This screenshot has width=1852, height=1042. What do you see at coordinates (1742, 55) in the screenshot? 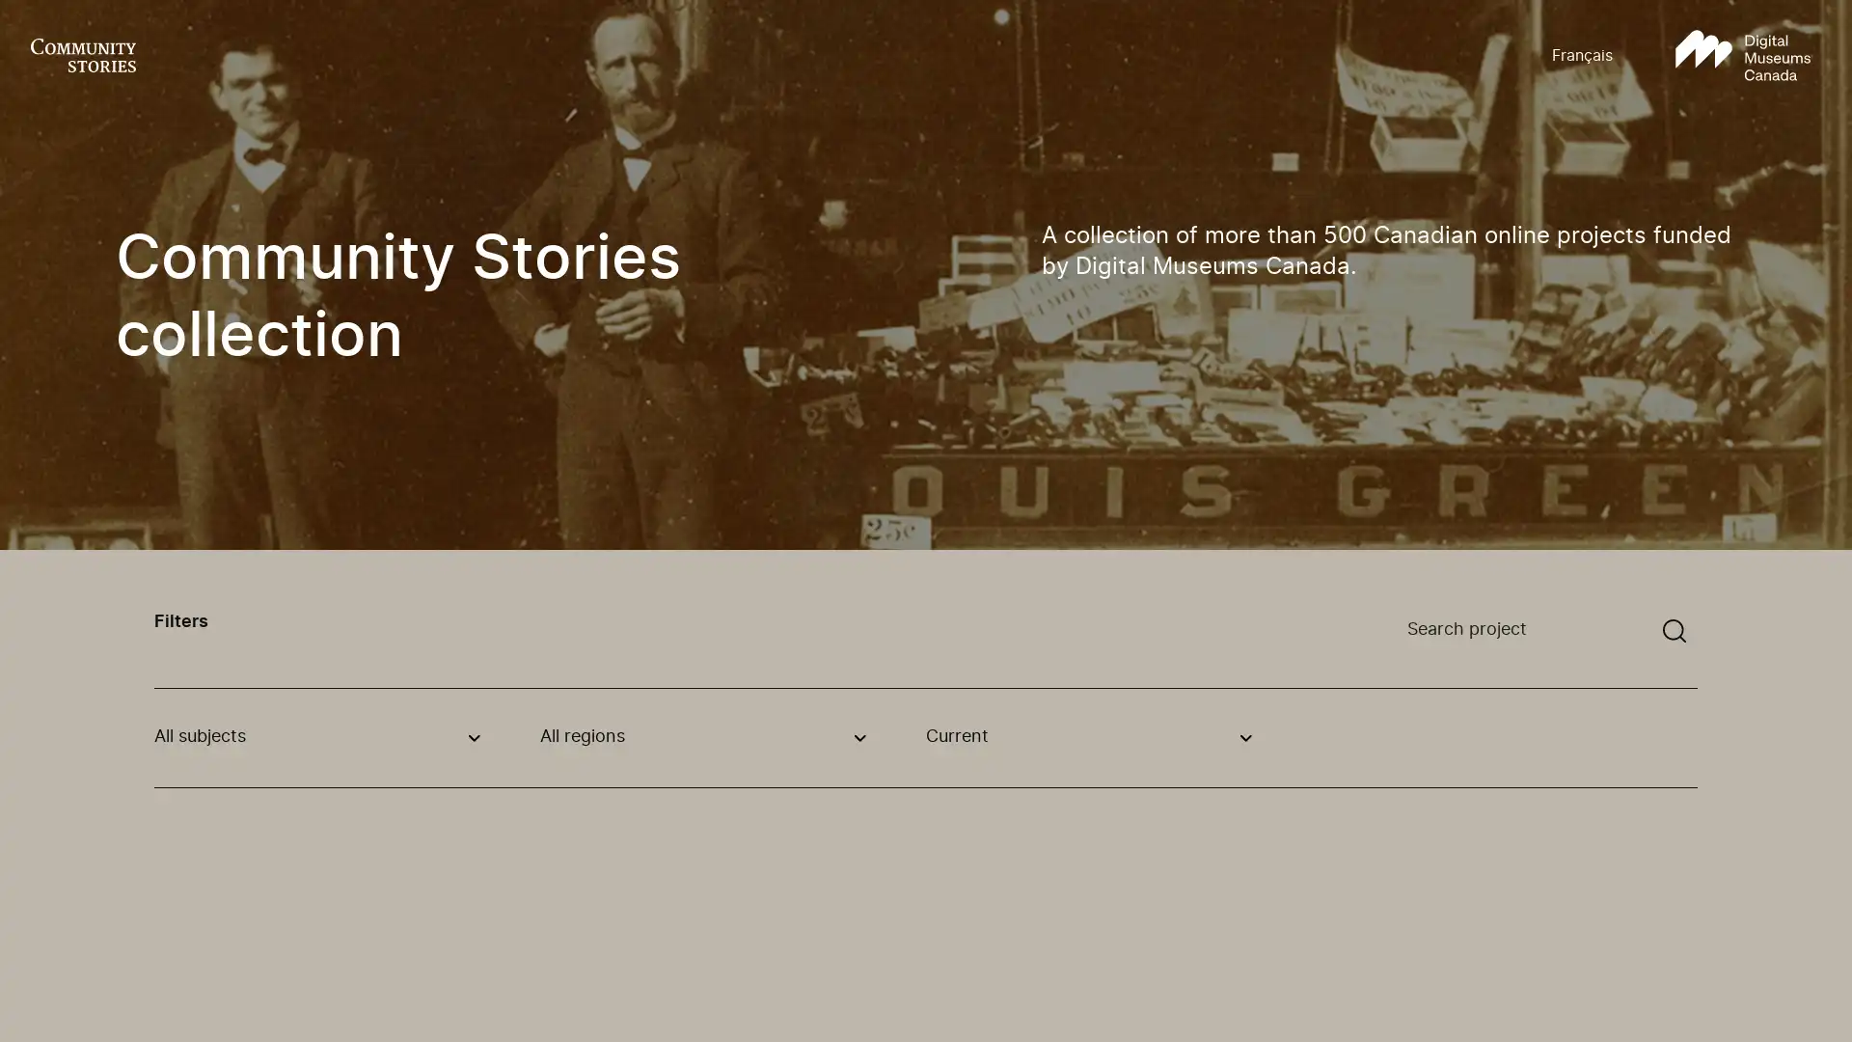
I see `Go to Digital Museums Canada website` at bounding box center [1742, 55].